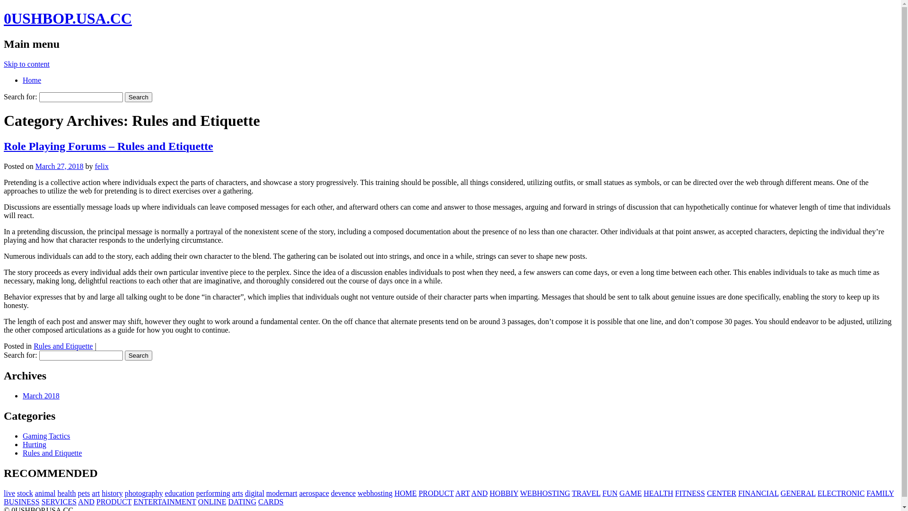 The image size is (908, 511). What do you see at coordinates (247, 493) in the screenshot?
I see `'d'` at bounding box center [247, 493].